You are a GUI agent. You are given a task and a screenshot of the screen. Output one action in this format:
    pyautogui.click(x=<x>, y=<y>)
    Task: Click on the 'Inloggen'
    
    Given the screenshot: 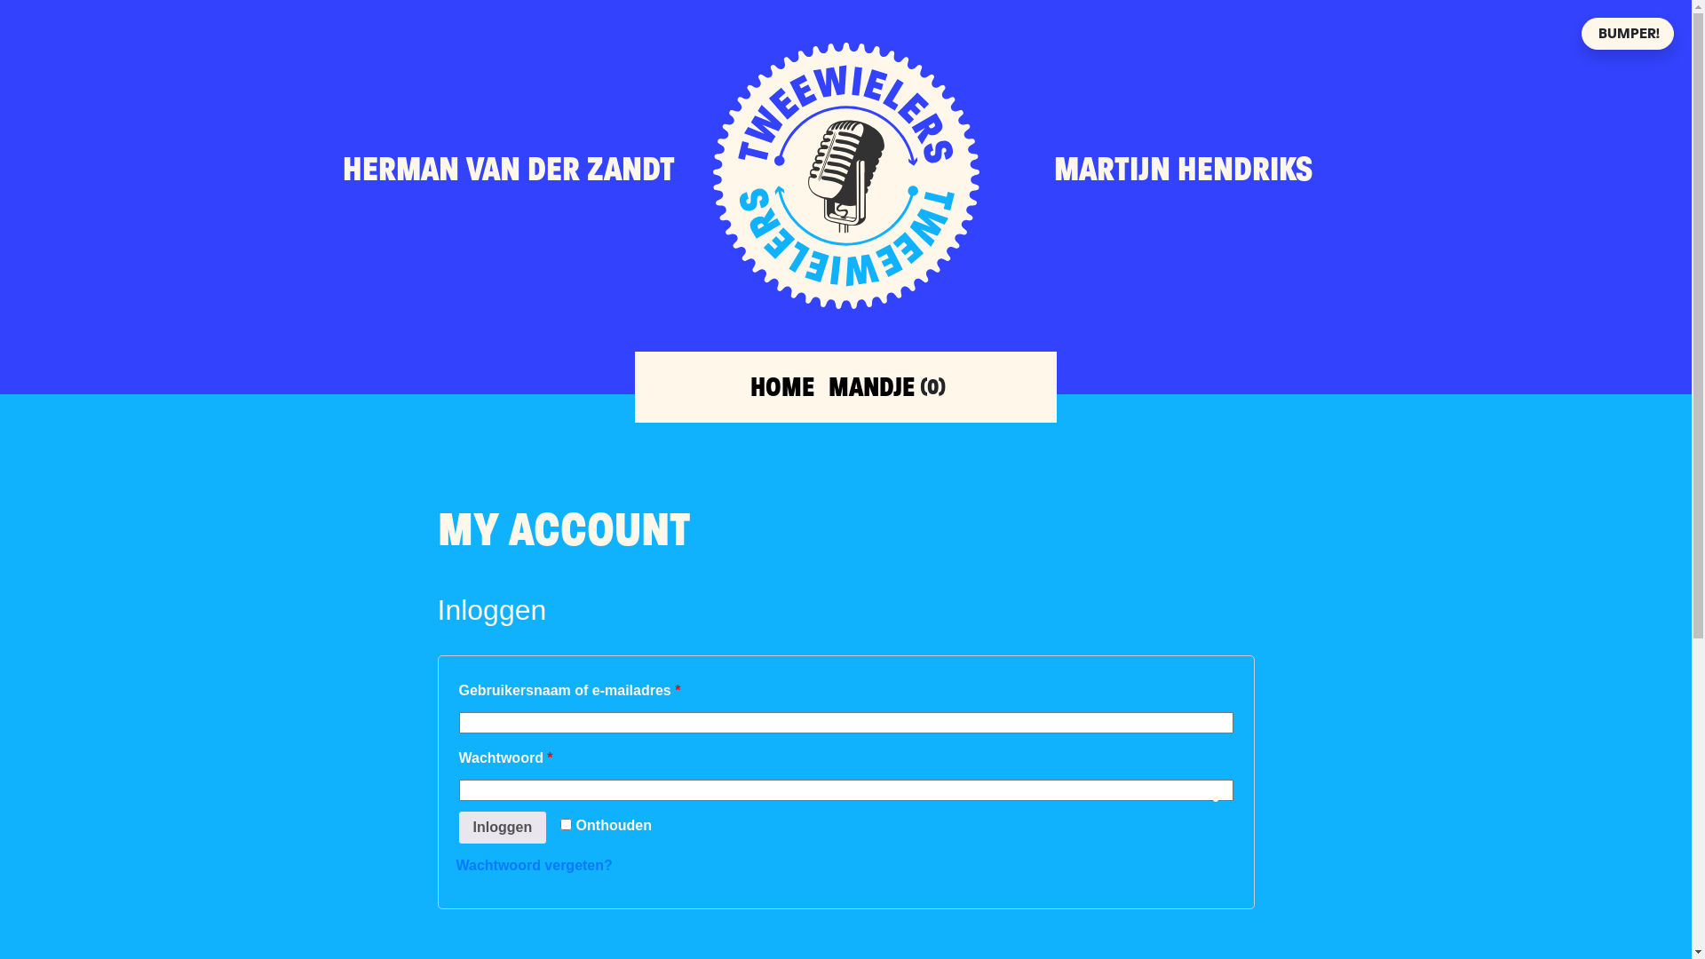 What is the action you would take?
    pyautogui.click(x=457, y=828)
    